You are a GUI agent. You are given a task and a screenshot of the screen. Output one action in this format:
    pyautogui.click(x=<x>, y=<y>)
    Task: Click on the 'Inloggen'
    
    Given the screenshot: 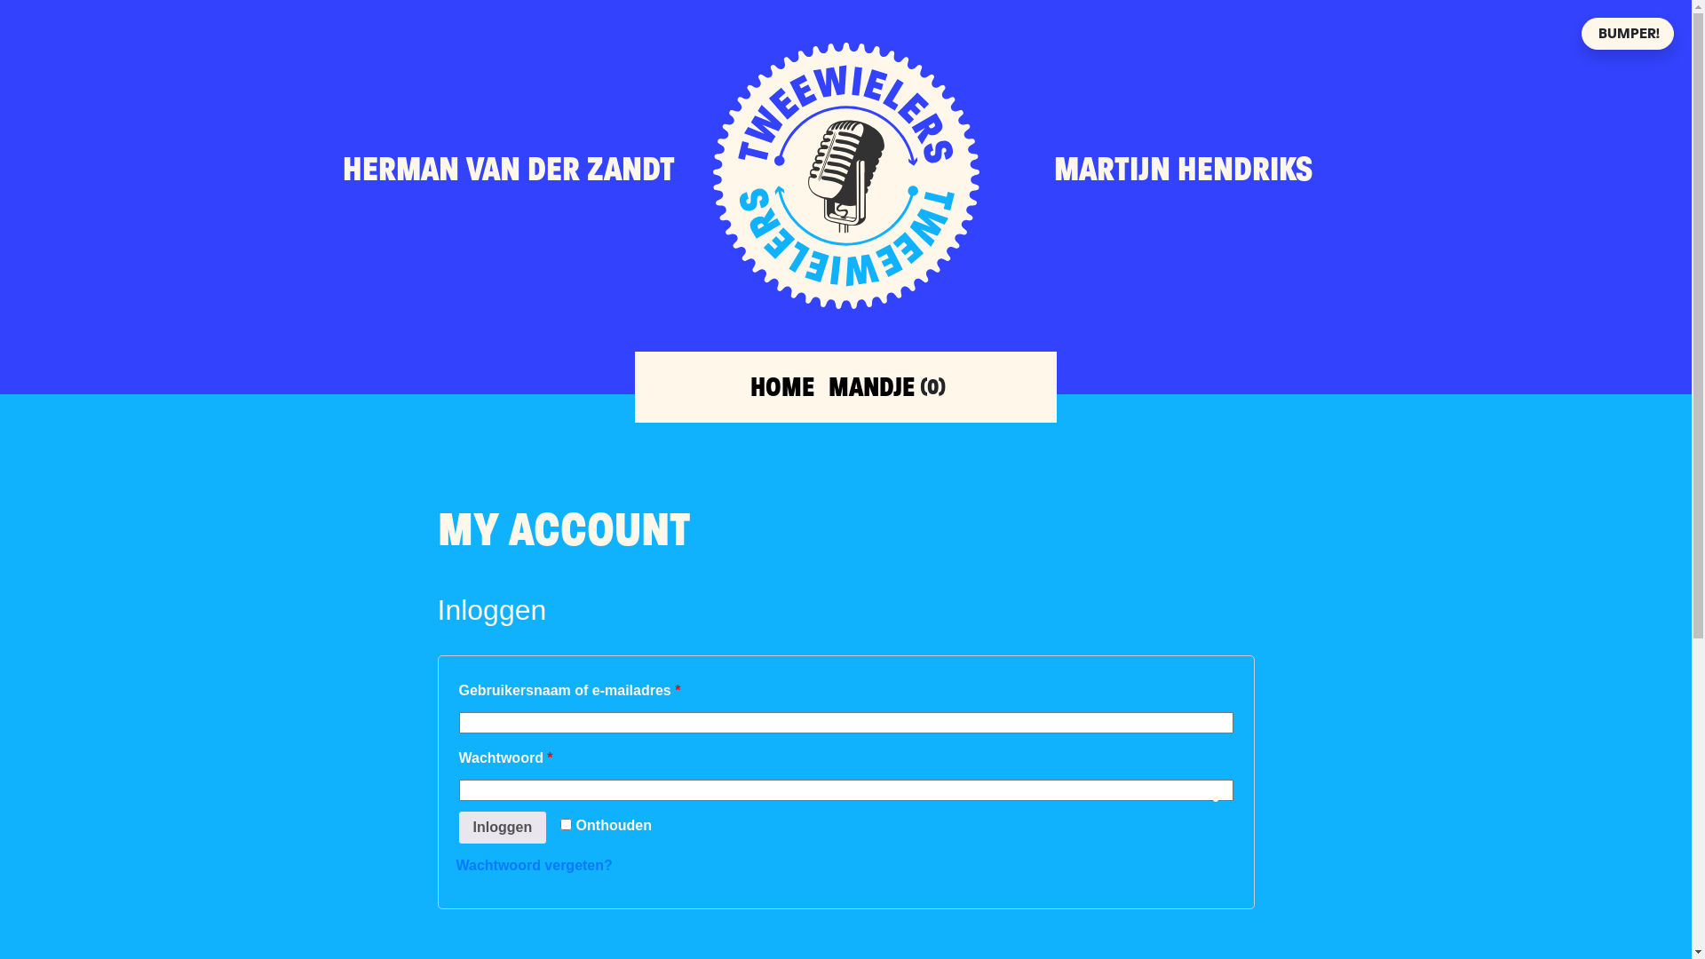 What is the action you would take?
    pyautogui.click(x=457, y=828)
    